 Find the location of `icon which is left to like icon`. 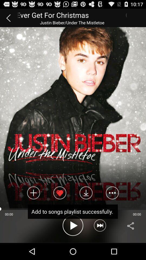

icon which is left to like icon is located at coordinates (34, 193).